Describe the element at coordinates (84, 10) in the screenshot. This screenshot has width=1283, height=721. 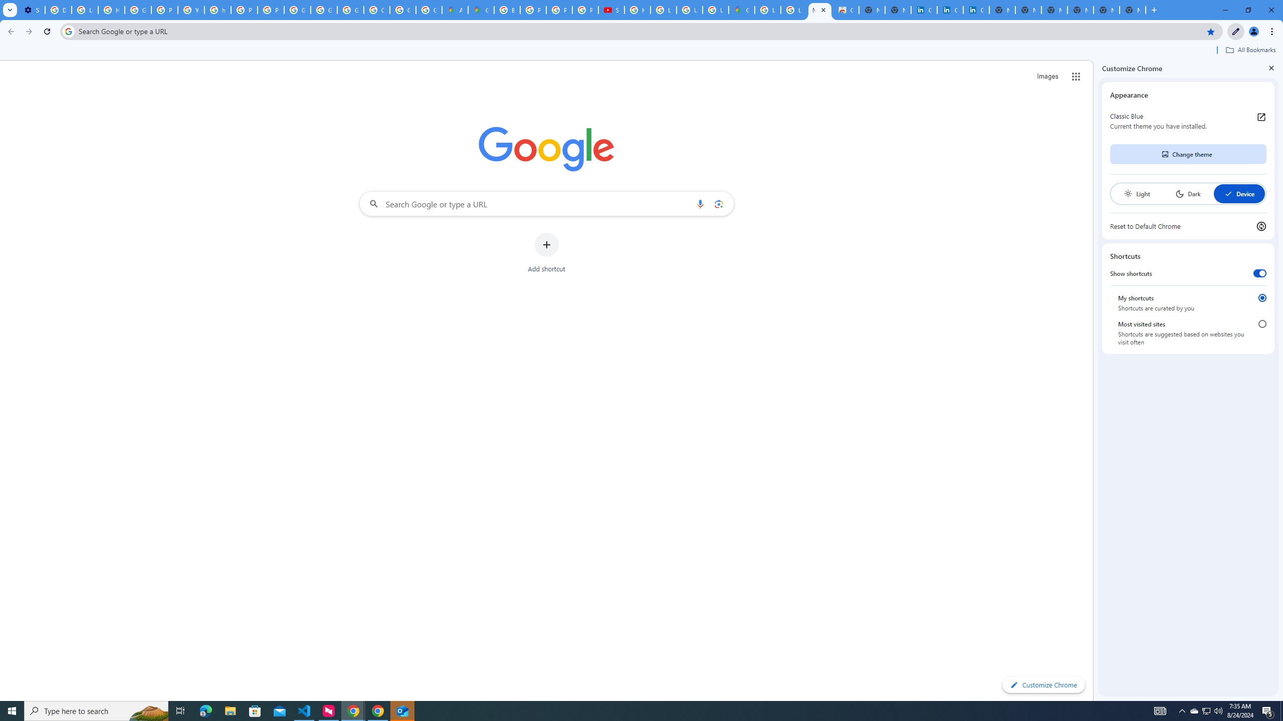
I see `'Learn how to find your photos - Google Photos Help'` at that location.